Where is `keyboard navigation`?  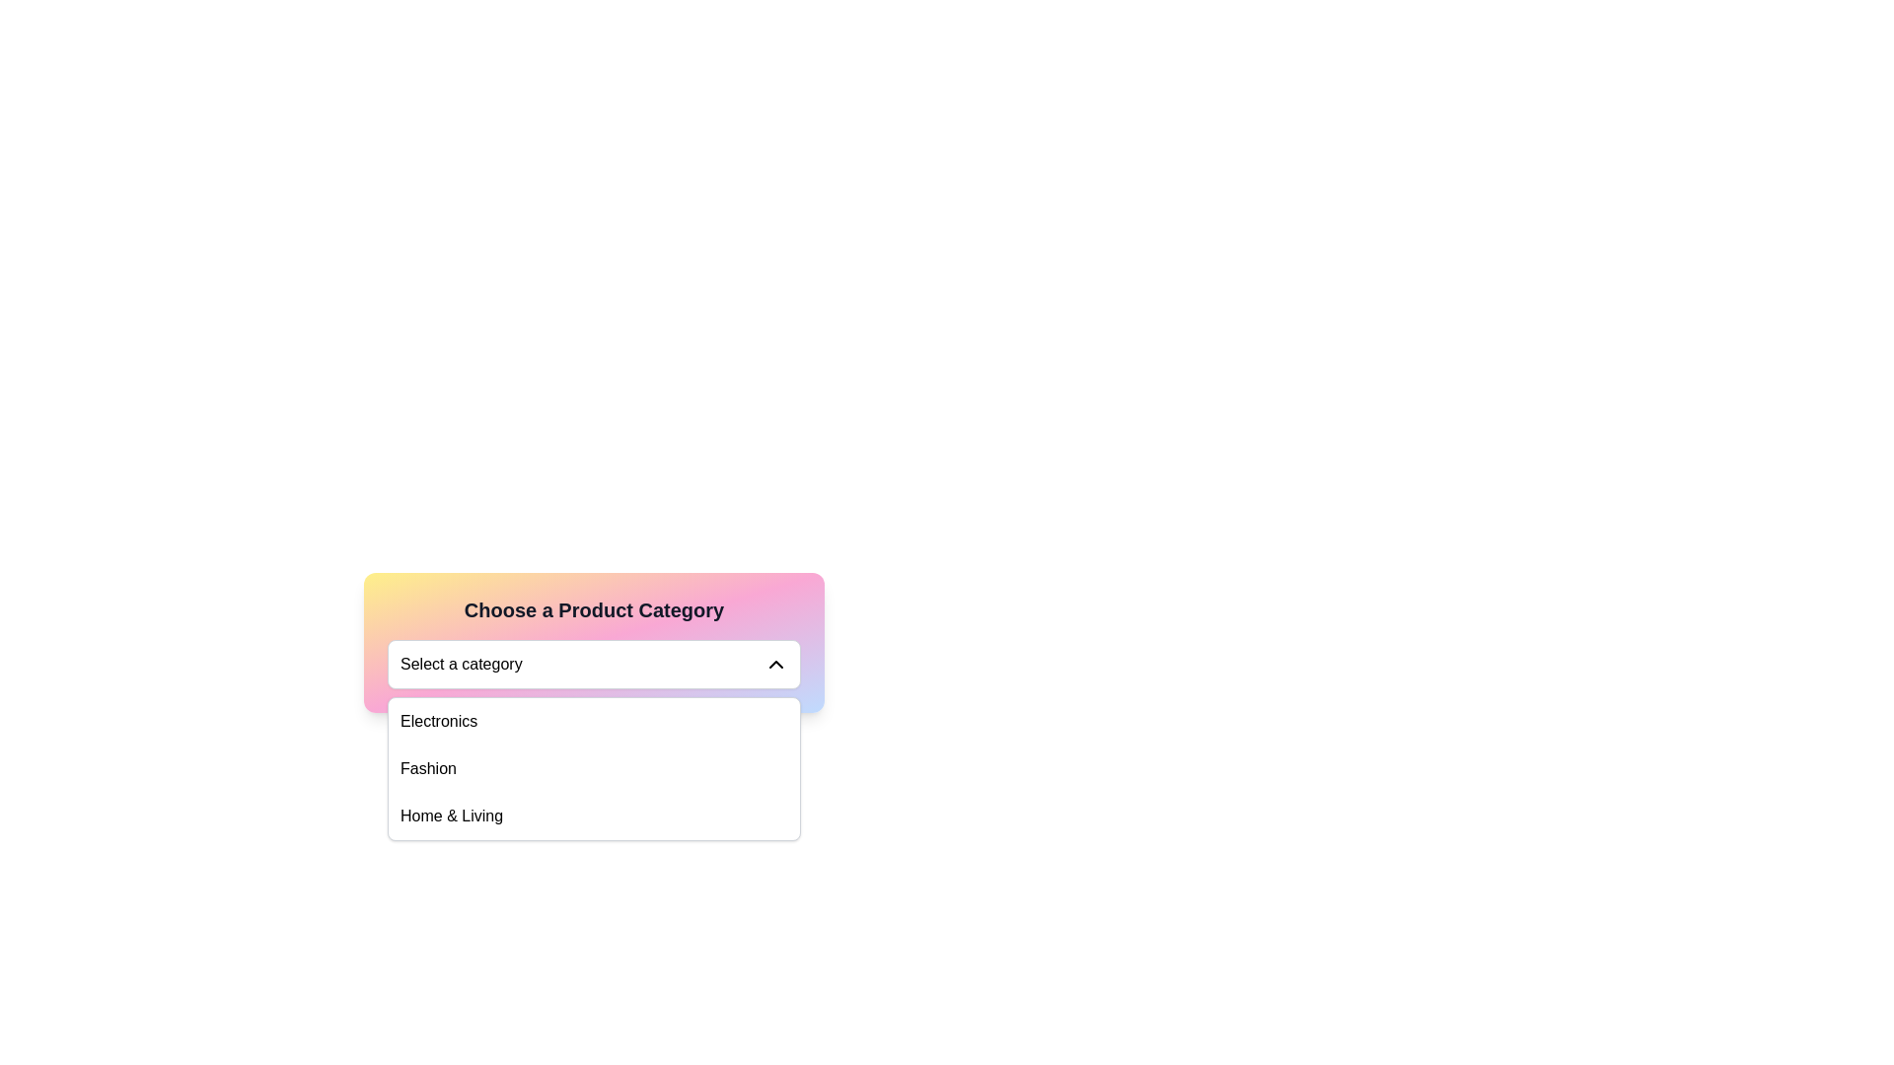
keyboard navigation is located at coordinates (593, 816).